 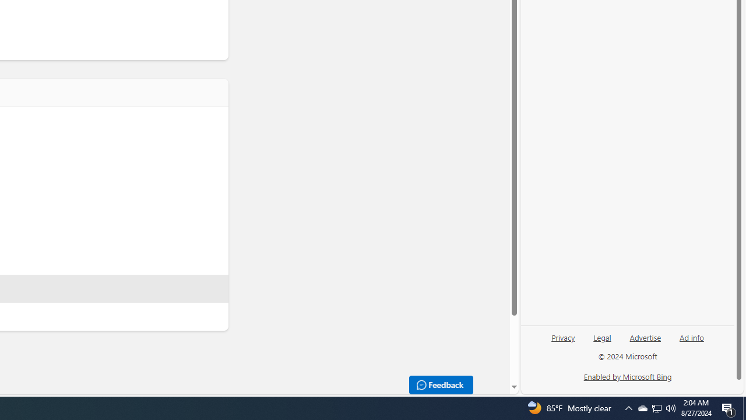 What do you see at coordinates (691, 341) in the screenshot?
I see `'Ad info'` at bounding box center [691, 341].